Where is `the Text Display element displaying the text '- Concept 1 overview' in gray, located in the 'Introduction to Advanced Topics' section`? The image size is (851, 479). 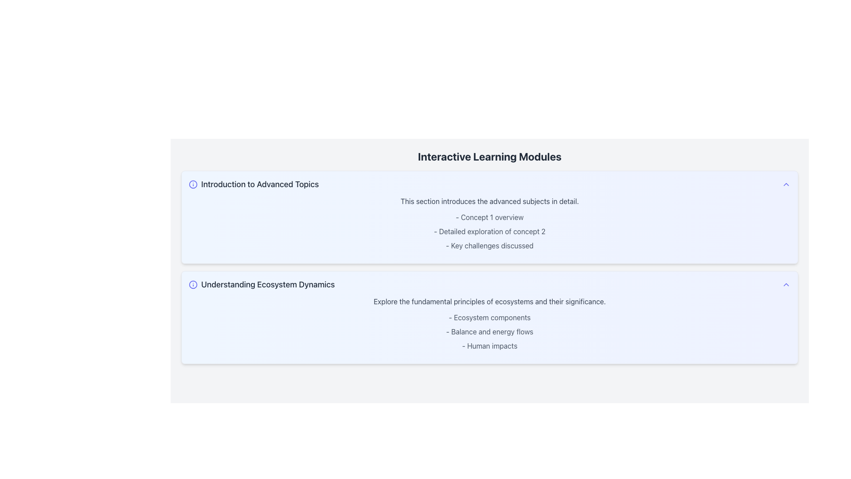
the Text Display element displaying the text '- Concept 1 overview' in gray, located in the 'Introduction to Advanced Topics' section is located at coordinates (489, 217).